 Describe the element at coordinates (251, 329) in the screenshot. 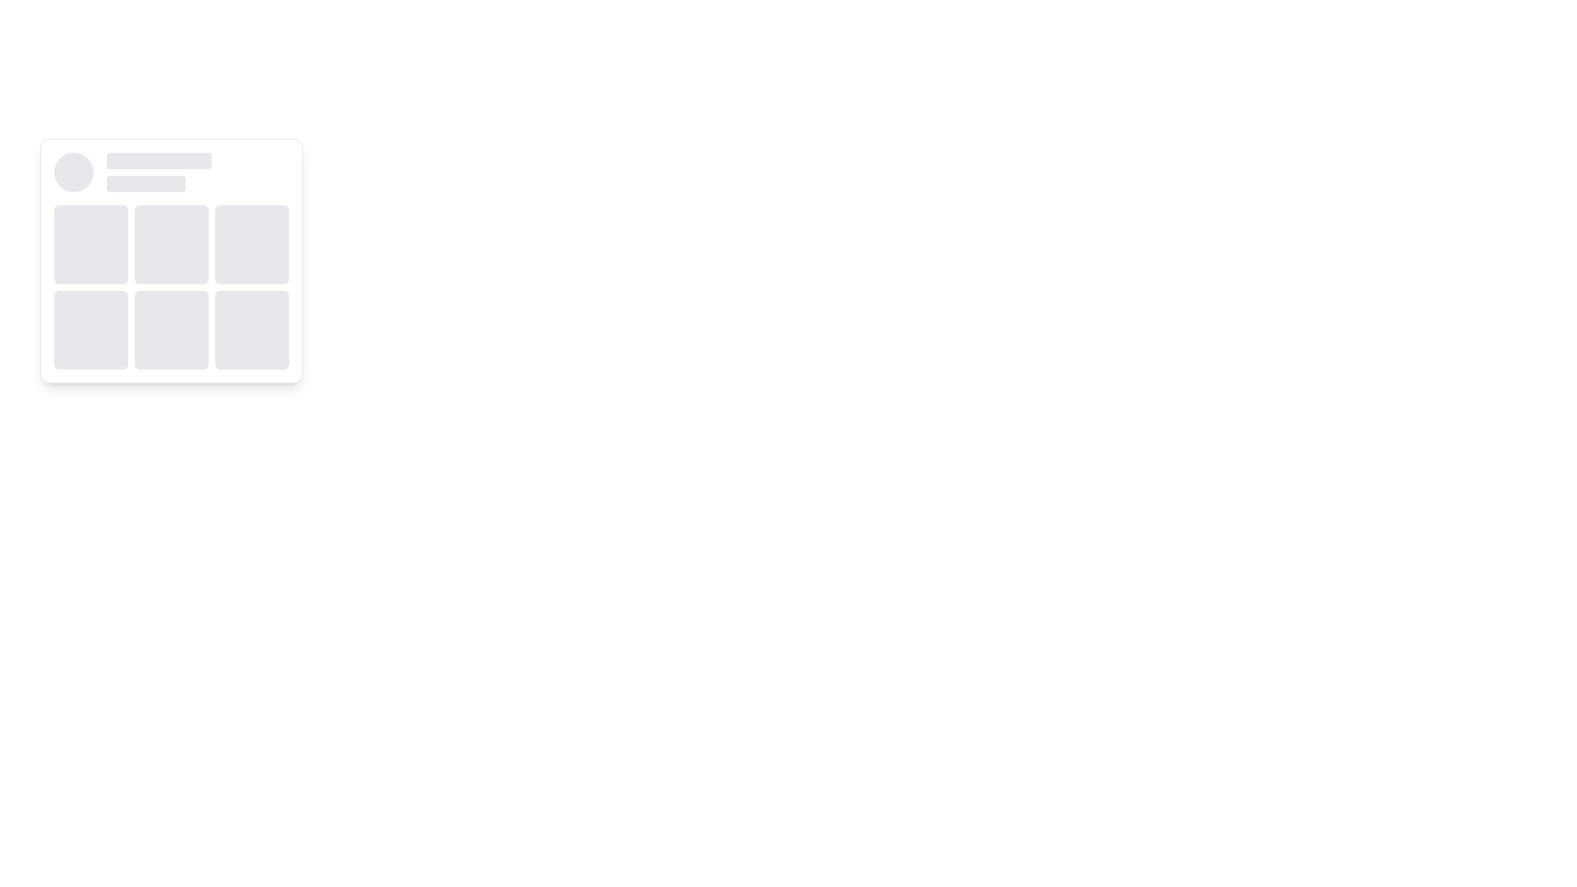

I see `the placeholder block located in the last cell of a 3x2 grid layout, specifically in the third column of the second row` at that location.